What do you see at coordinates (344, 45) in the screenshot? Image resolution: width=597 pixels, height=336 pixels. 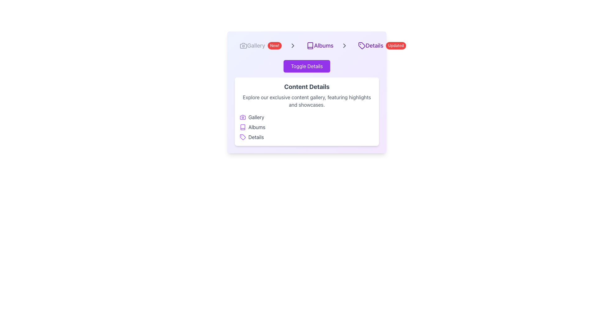 I see `the chevron icon indicating rightward navigation located between the 'Albums' and 'Details' labels in the breadcrumb trail` at bounding box center [344, 45].